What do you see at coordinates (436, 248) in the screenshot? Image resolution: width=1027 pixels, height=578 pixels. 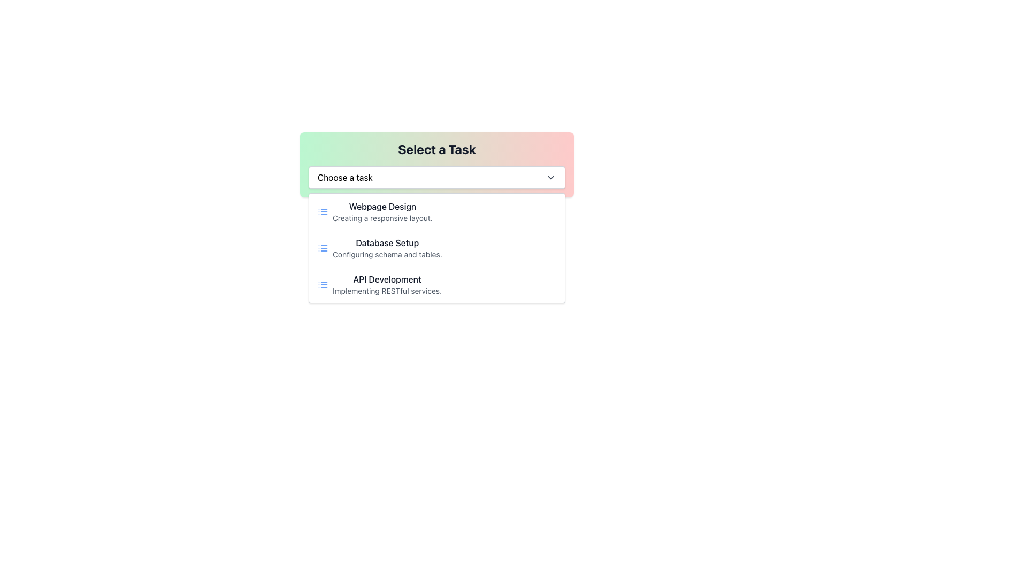 I see `the second item in the dropdown list under the header 'Select a Task'` at bounding box center [436, 248].